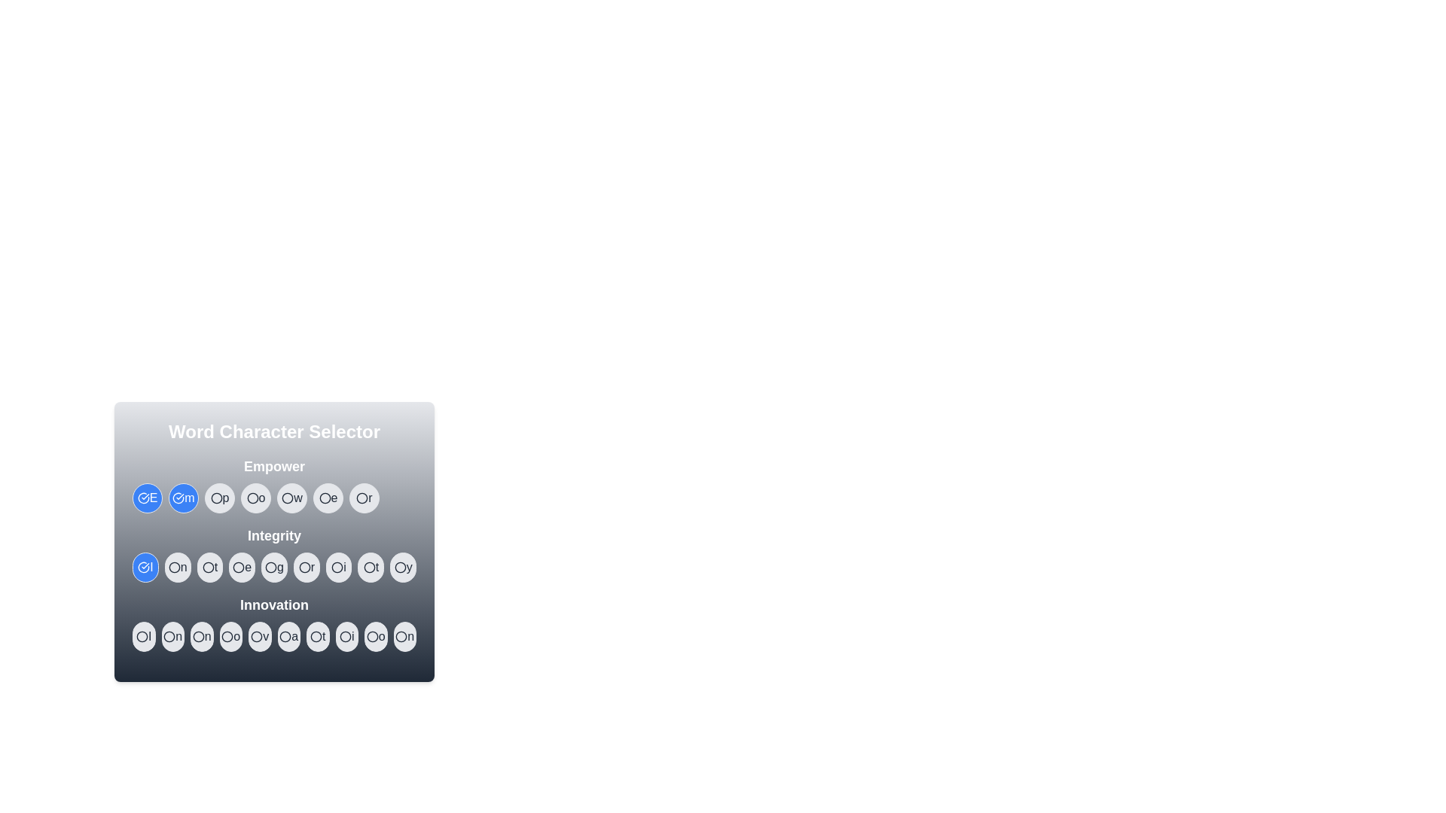 The image size is (1446, 813). Describe the element at coordinates (148, 498) in the screenshot. I see `the character E in the word Empower` at that location.